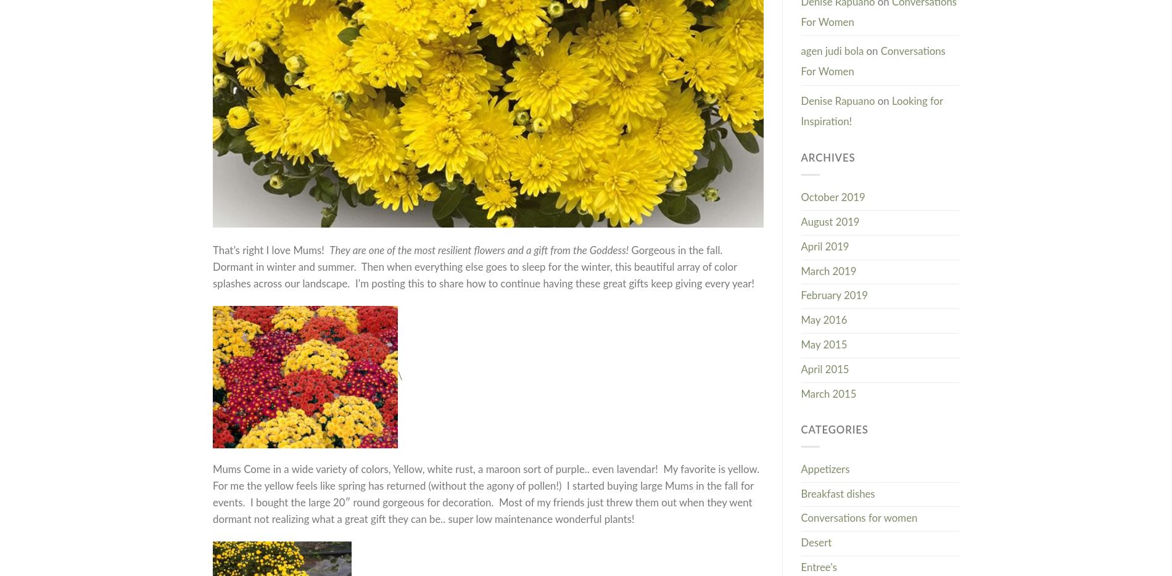 The image size is (1172, 576). Describe the element at coordinates (212, 249) in the screenshot. I see `'That’s right I love Mums!'` at that location.